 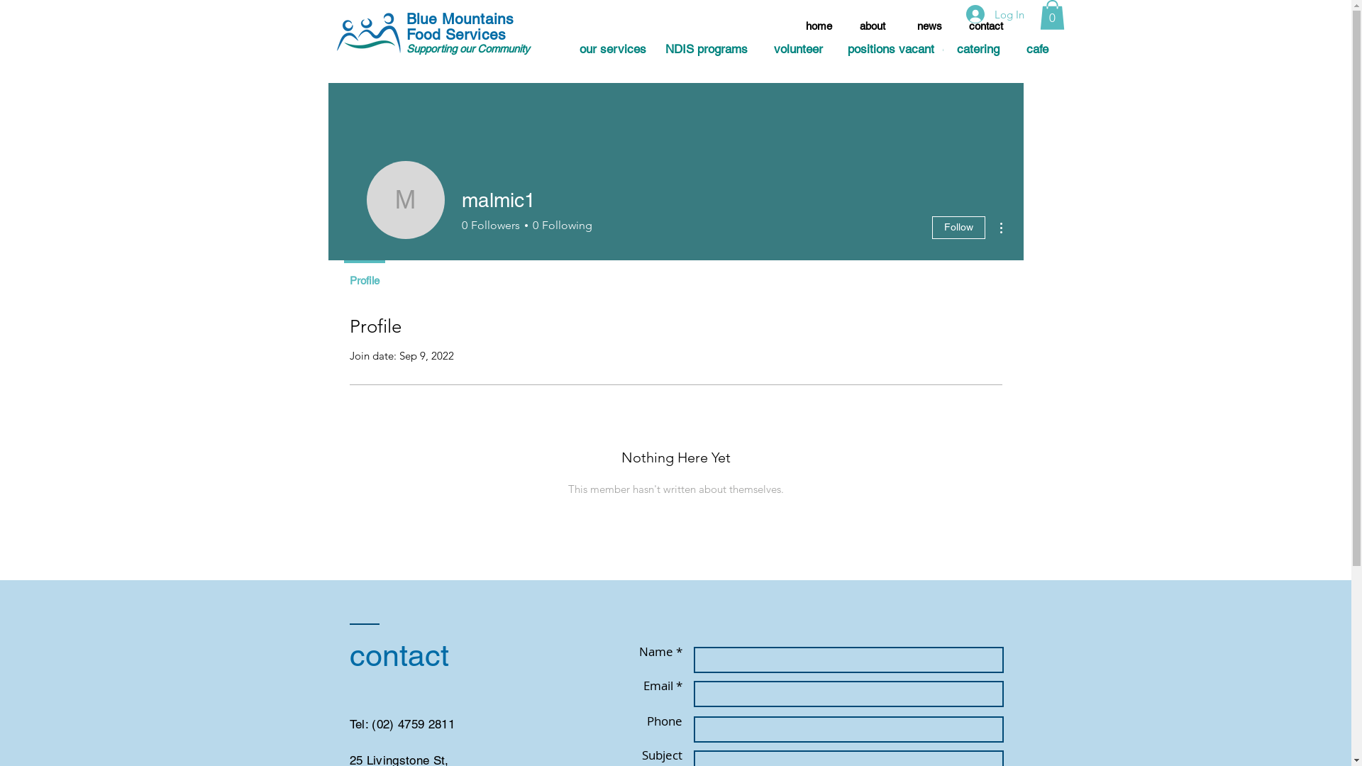 I want to click on 'cafe', so click(x=1036, y=48).